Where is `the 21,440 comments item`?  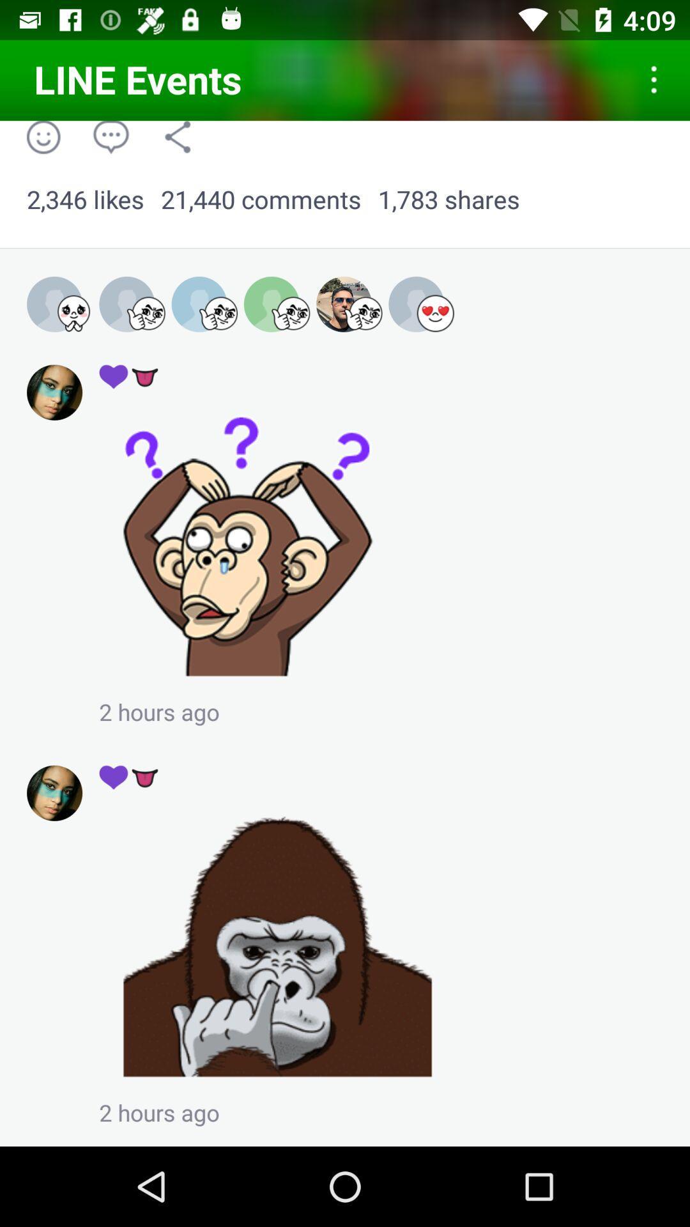 the 21,440 comments item is located at coordinates (260, 199).